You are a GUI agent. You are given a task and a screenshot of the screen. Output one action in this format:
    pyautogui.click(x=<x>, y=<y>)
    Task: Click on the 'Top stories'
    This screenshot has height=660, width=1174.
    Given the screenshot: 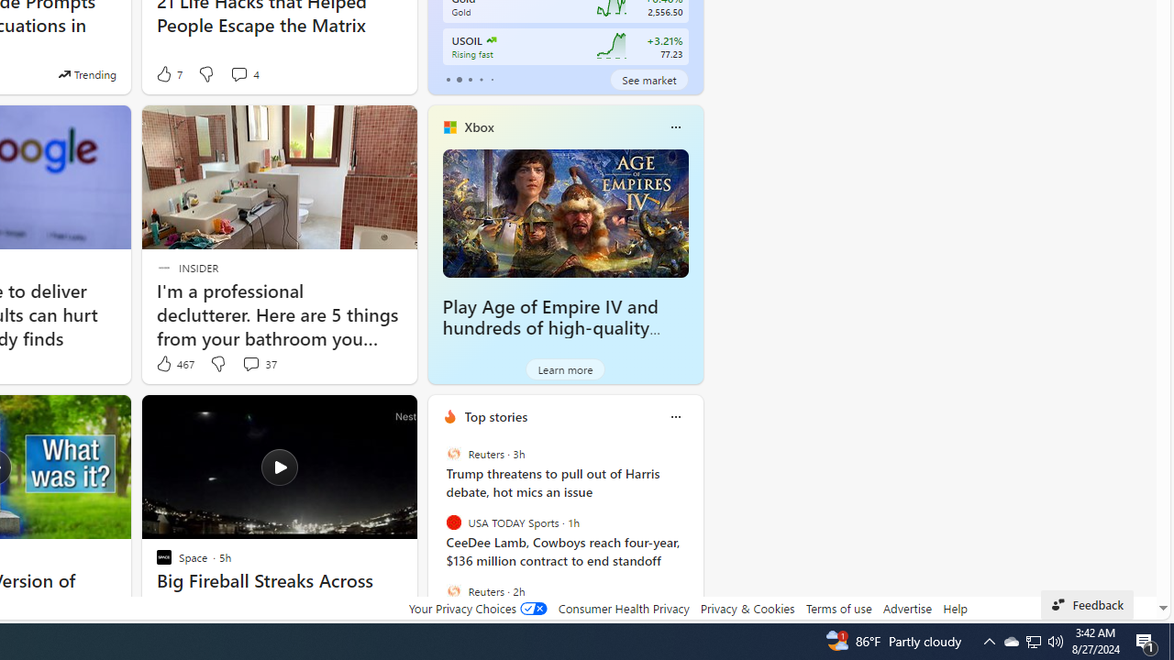 What is the action you would take?
    pyautogui.click(x=495, y=416)
    